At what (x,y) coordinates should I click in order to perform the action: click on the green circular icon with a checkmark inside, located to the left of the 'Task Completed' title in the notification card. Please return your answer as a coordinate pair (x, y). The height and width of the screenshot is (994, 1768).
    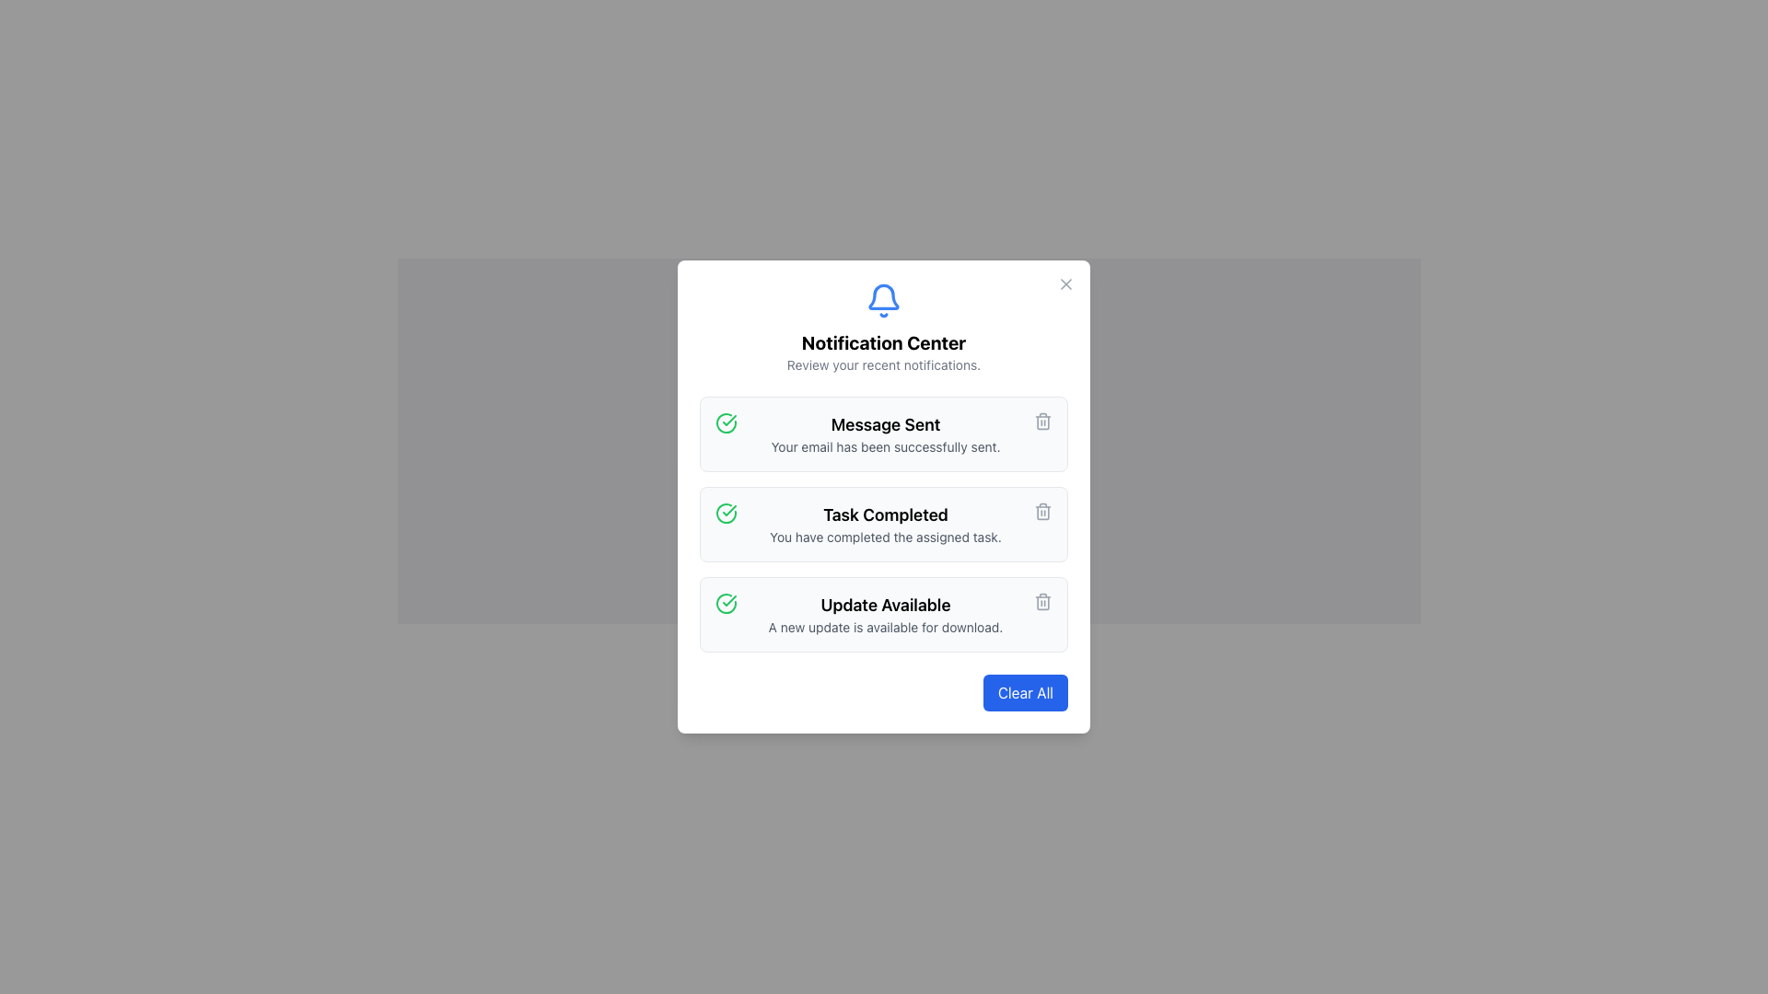
    Looking at the image, I should click on (725, 514).